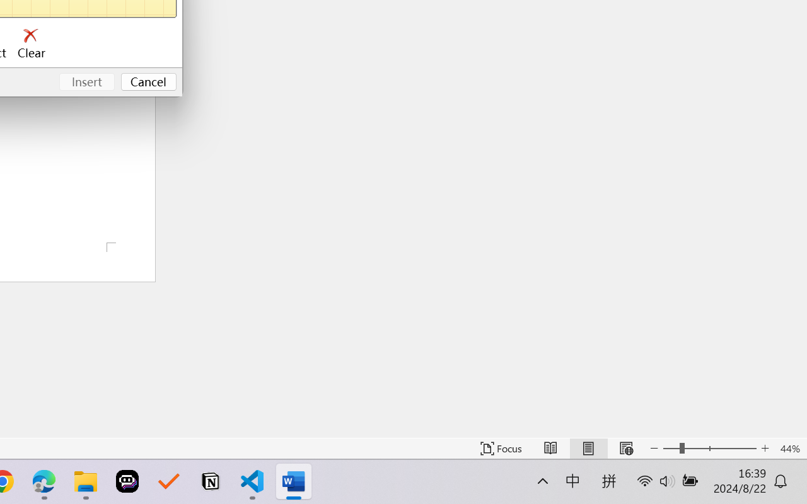 The height and width of the screenshot is (504, 807). Describe the element at coordinates (127, 481) in the screenshot. I see `'Poe'` at that location.